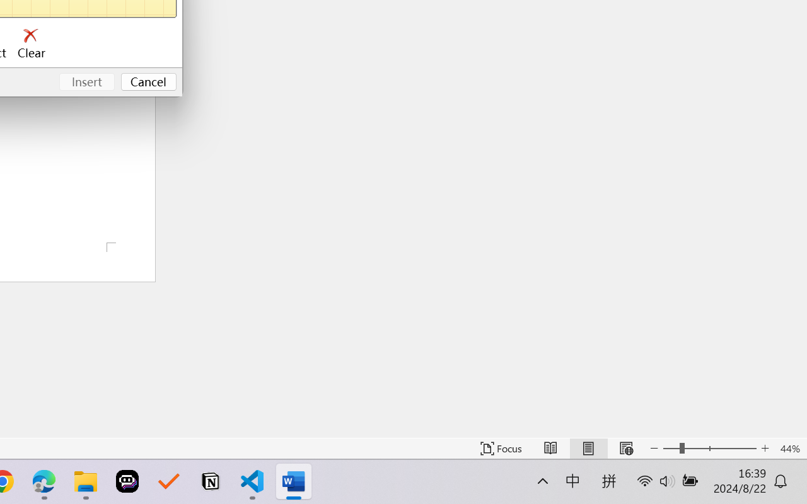 The height and width of the screenshot is (504, 807). Describe the element at coordinates (127, 481) in the screenshot. I see `'Poe'` at that location.